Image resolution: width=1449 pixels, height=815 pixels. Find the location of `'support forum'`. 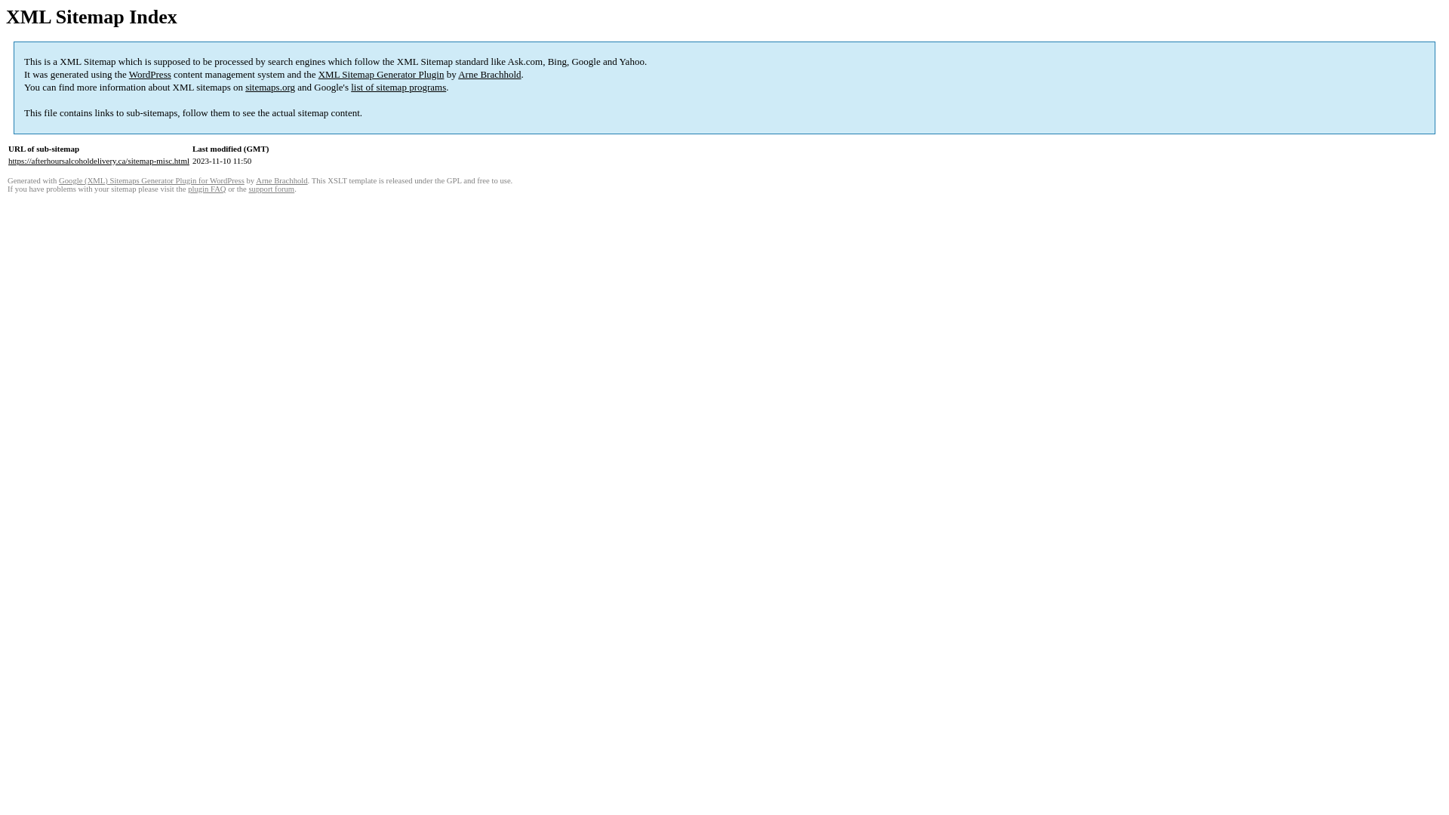

'support forum' is located at coordinates (248, 188).